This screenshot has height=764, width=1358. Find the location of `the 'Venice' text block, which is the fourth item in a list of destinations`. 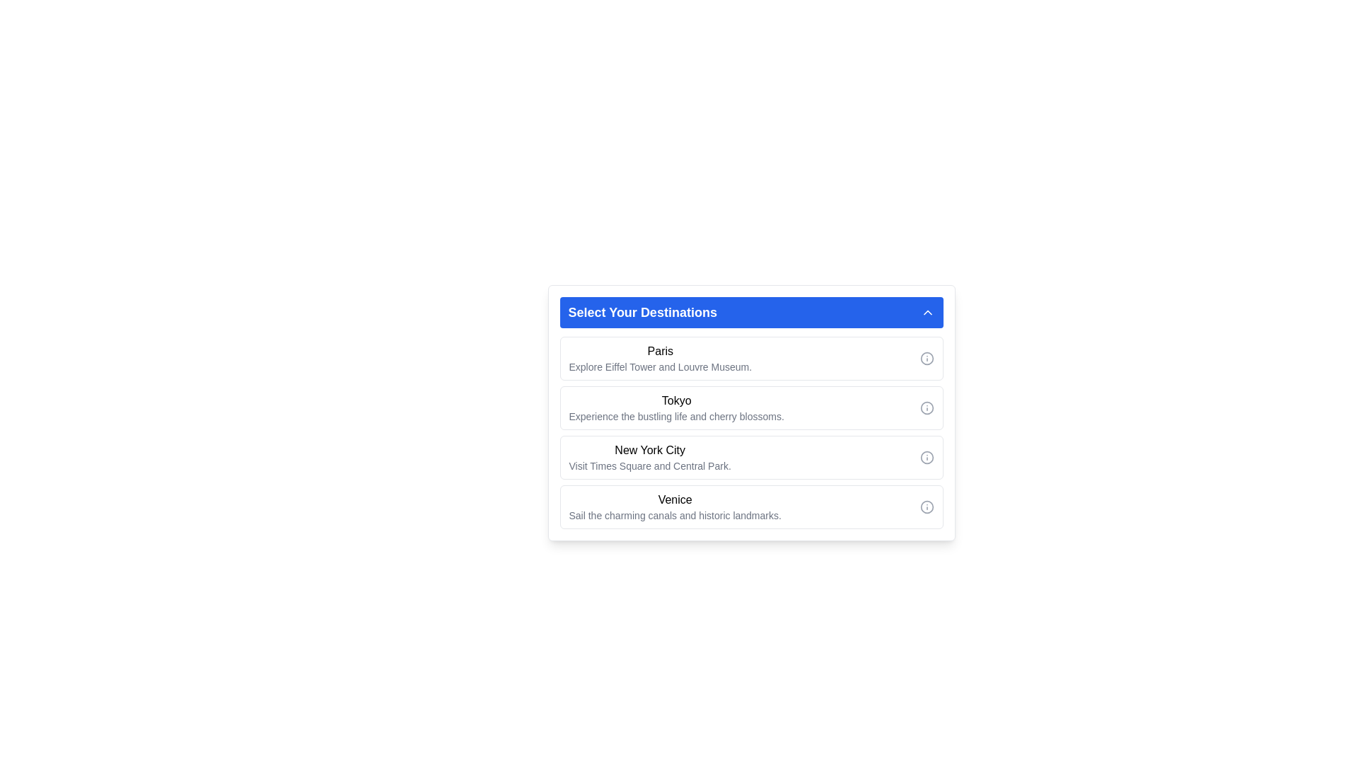

the 'Venice' text block, which is the fourth item in a list of destinations is located at coordinates (674, 507).